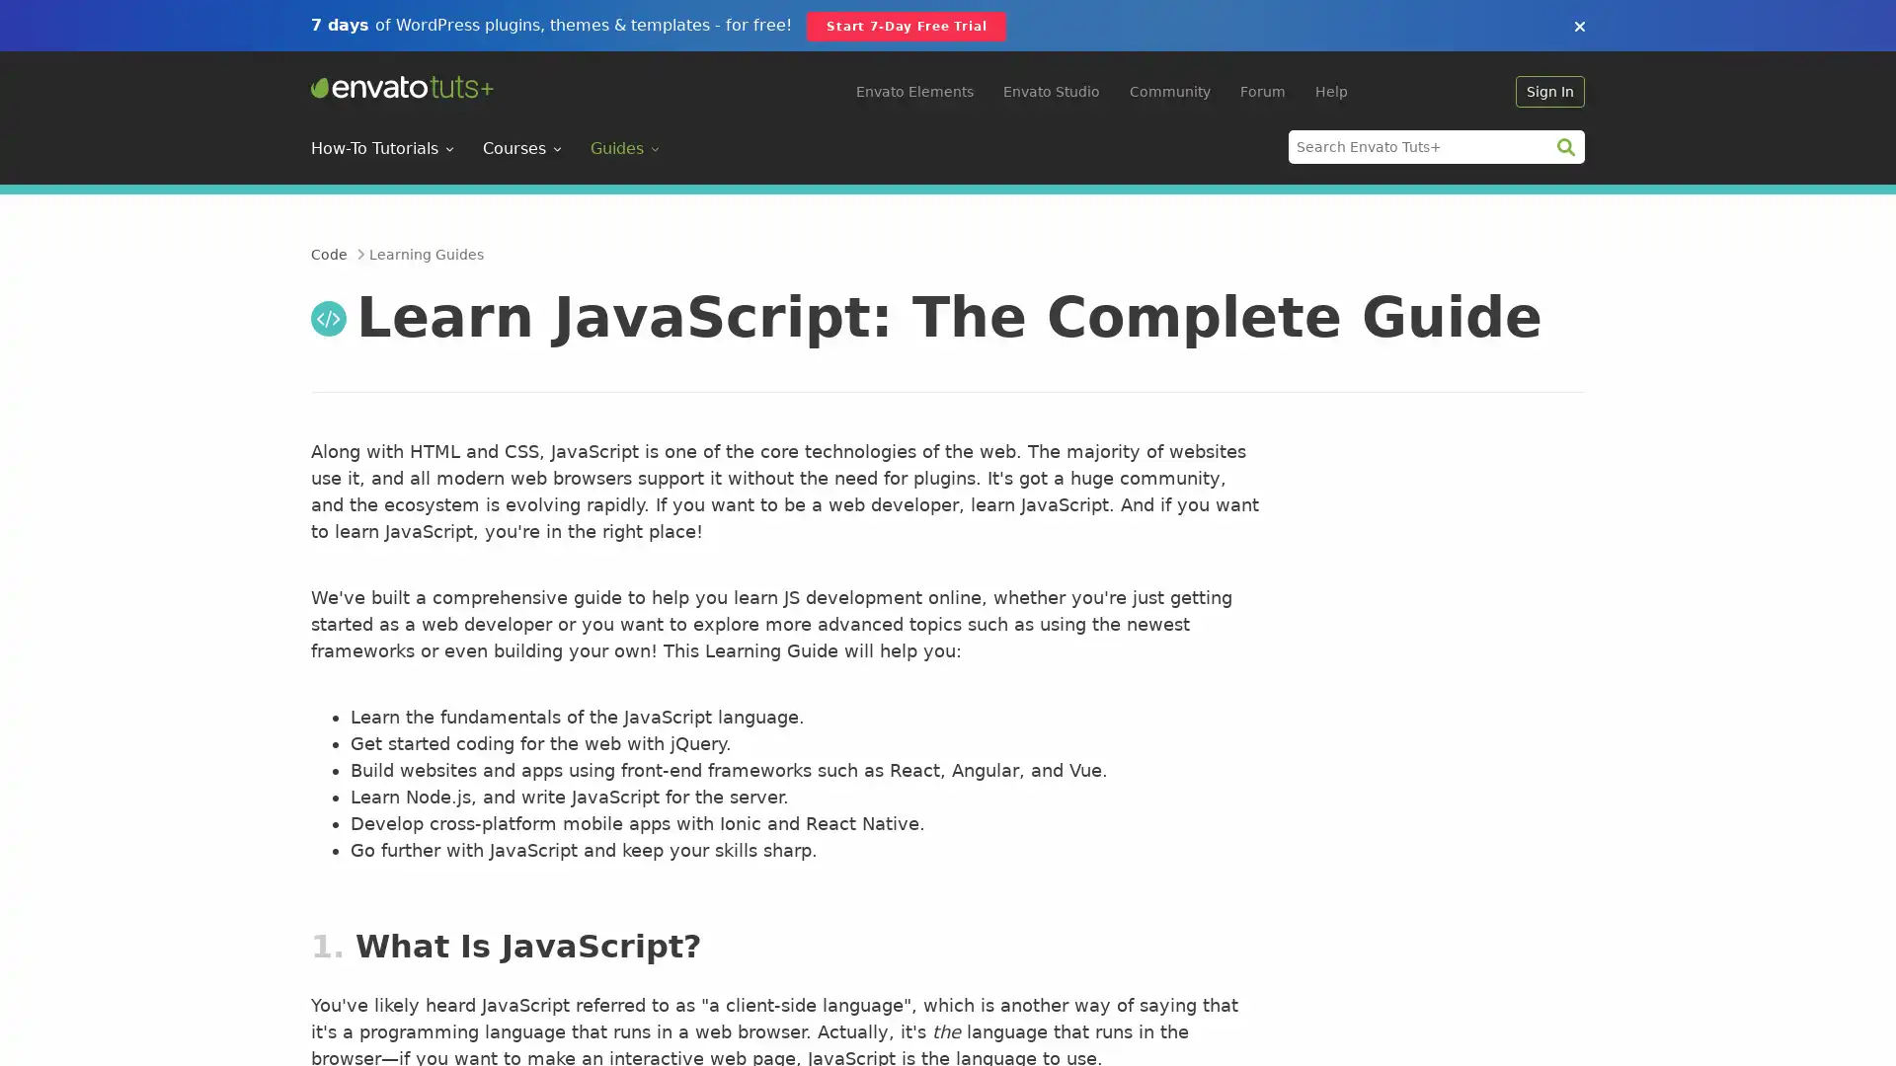  I want to click on search, so click(1564, 145).